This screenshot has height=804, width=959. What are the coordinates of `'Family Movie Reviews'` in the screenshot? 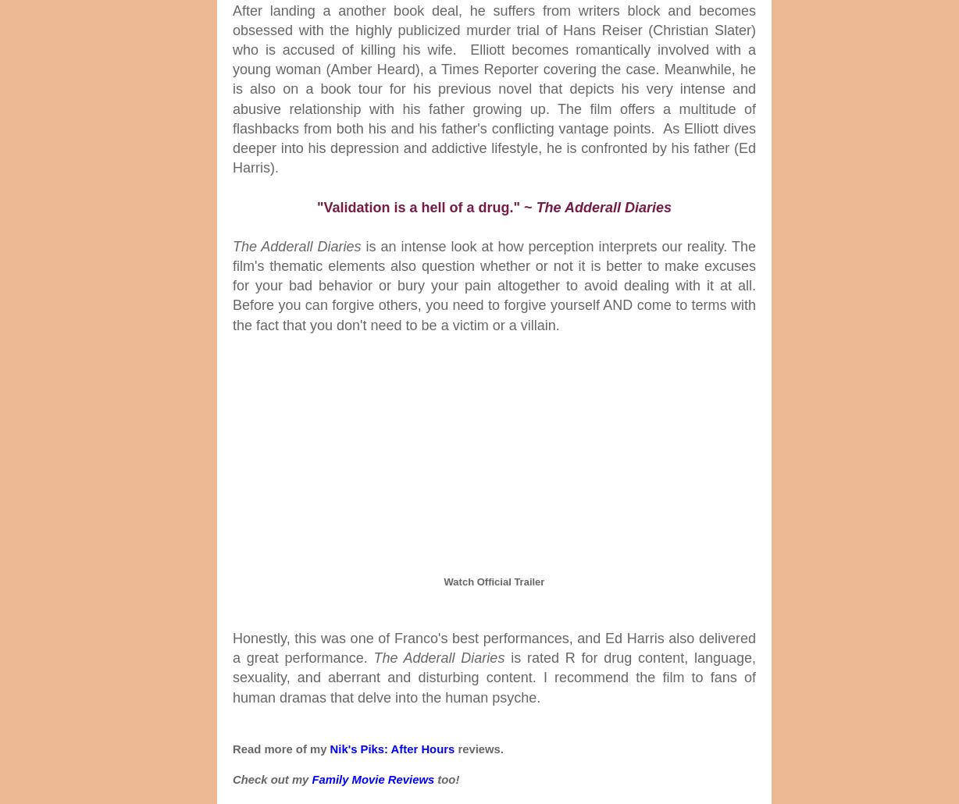 It's located at (372, 778).